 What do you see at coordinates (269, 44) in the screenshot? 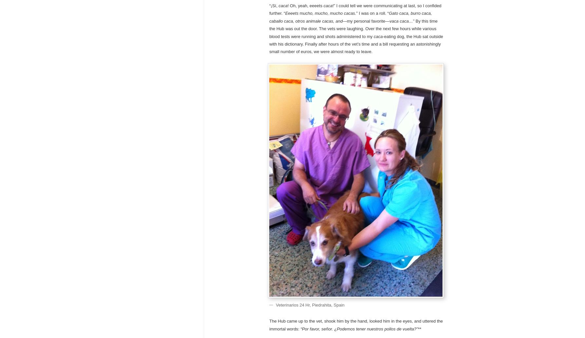
I see `'-eating dog, the Hub sat outside with his dictionary. Finally after hours of the vet’s time and a bill requesting an astonishingly small number of euros, we were almost ready to leave.'` at bounding box center [269, 44].